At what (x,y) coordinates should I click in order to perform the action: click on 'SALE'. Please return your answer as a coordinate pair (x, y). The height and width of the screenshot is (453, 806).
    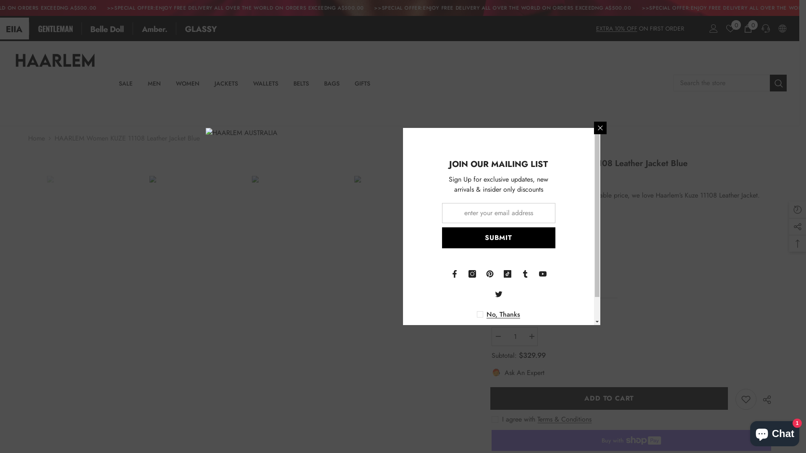
    Looking at the image, I should click on (125, 87).